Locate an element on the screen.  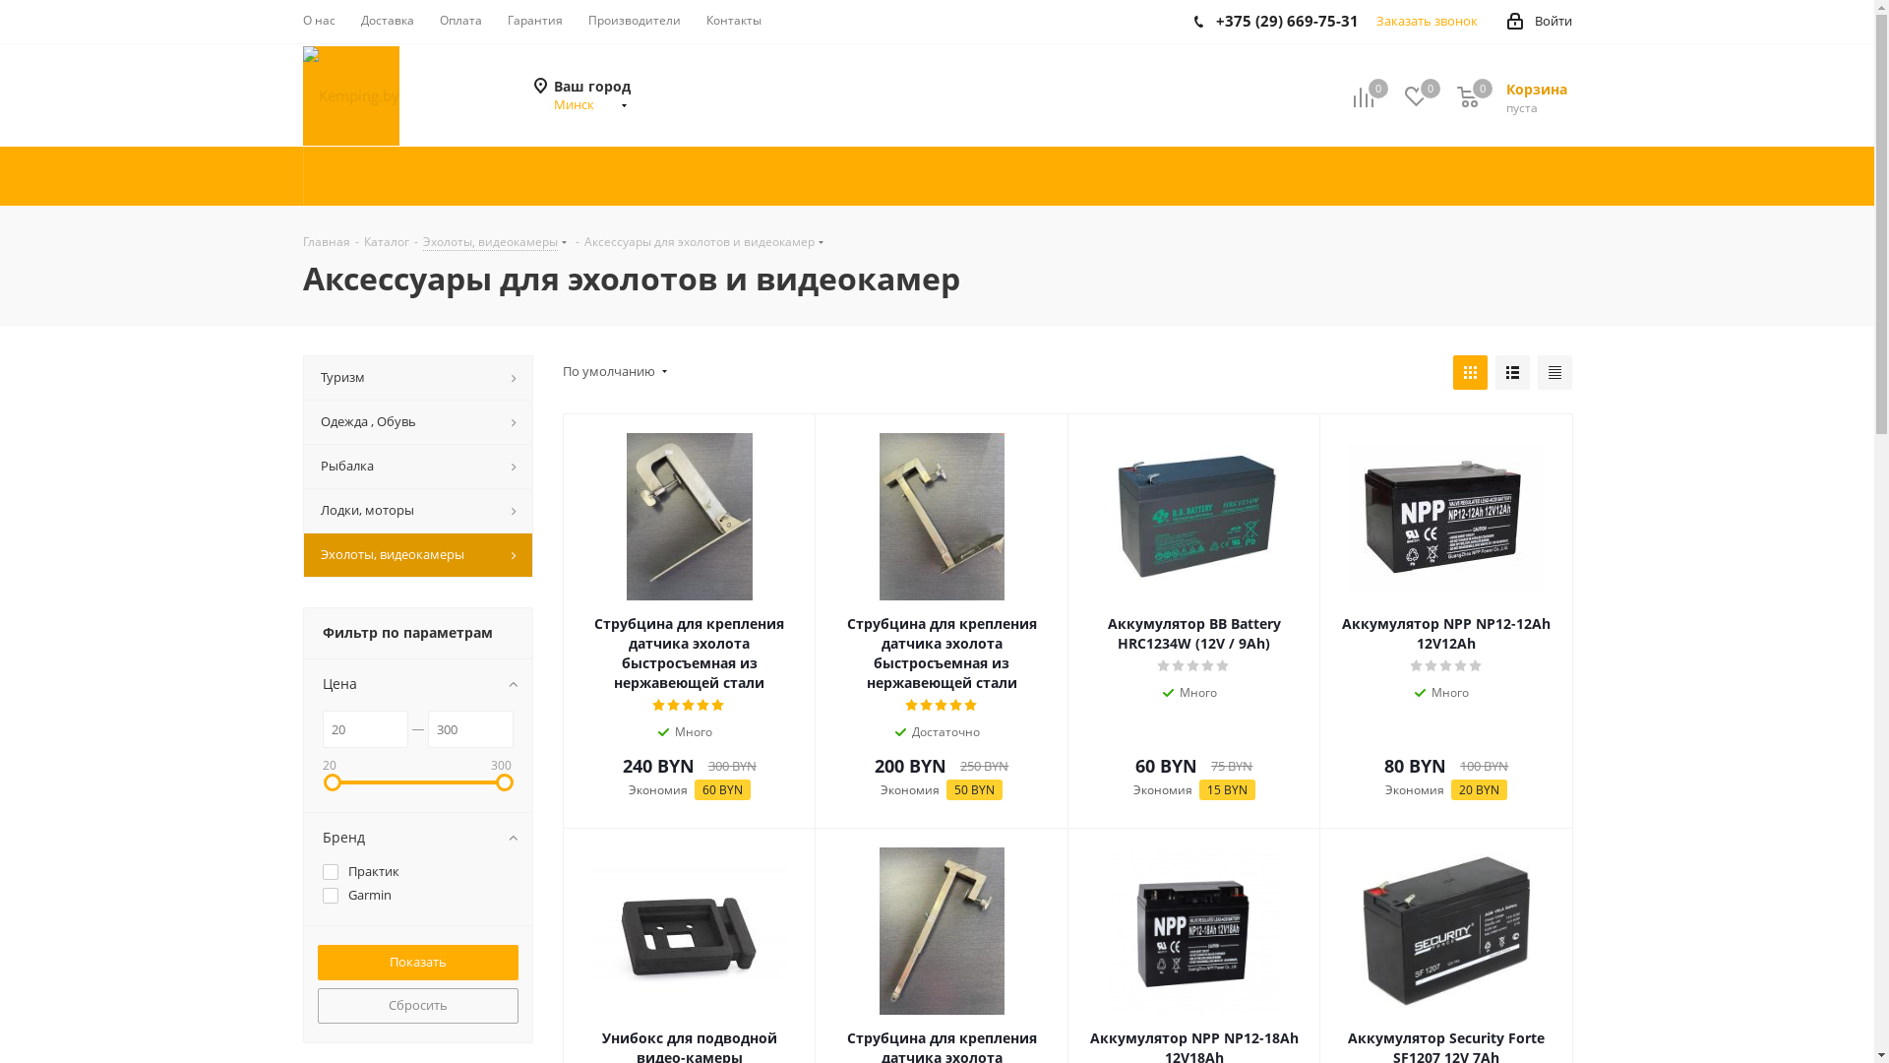
'3' is located at coordinates (1192, 665).